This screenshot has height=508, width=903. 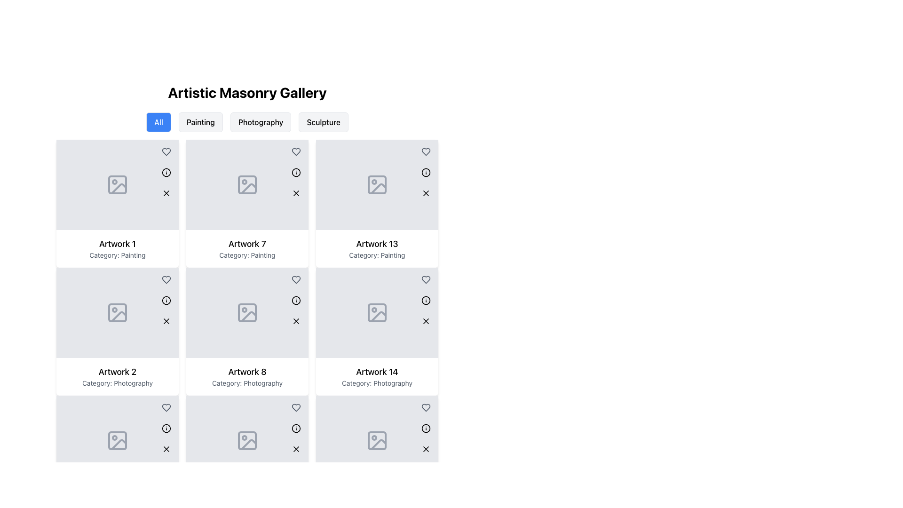 What do you see at coordinates (426, 279) in the screenshot?
I see `the heart icon located in the first column of the fourth row of the grid layout within the card labeled 'Artwork 13' to mark it as liked` at bounding box center [426, 279].